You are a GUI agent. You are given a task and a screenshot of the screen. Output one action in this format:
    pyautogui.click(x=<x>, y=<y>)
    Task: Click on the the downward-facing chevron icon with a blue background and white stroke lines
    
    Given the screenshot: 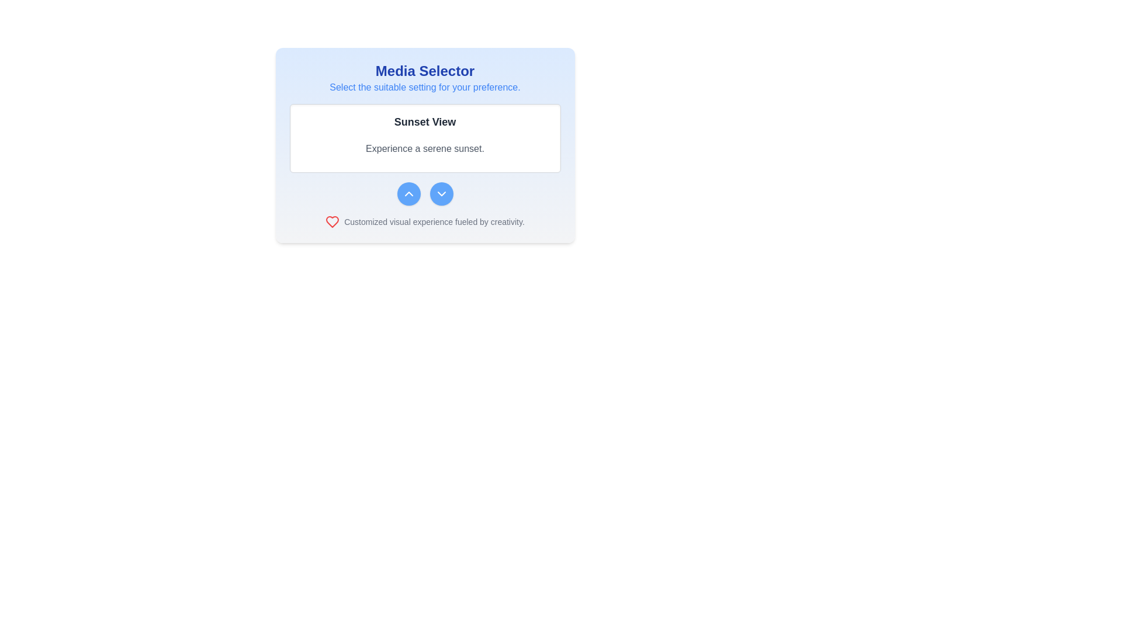 What is the action you would take?
    pyautogui.click(x=441, y=193)
    